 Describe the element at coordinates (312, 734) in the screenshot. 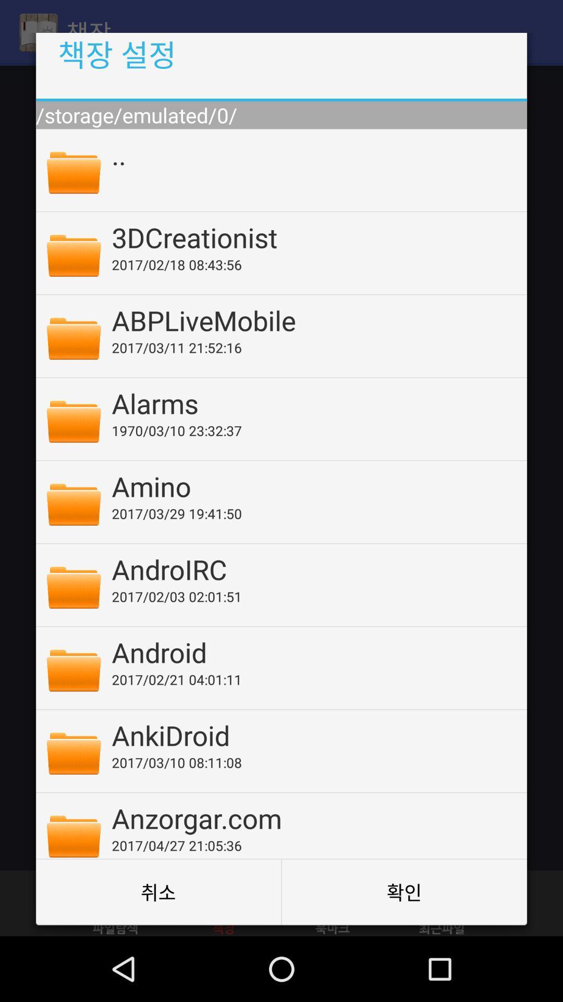

I see `icon below the 2017 02 21` at that location.